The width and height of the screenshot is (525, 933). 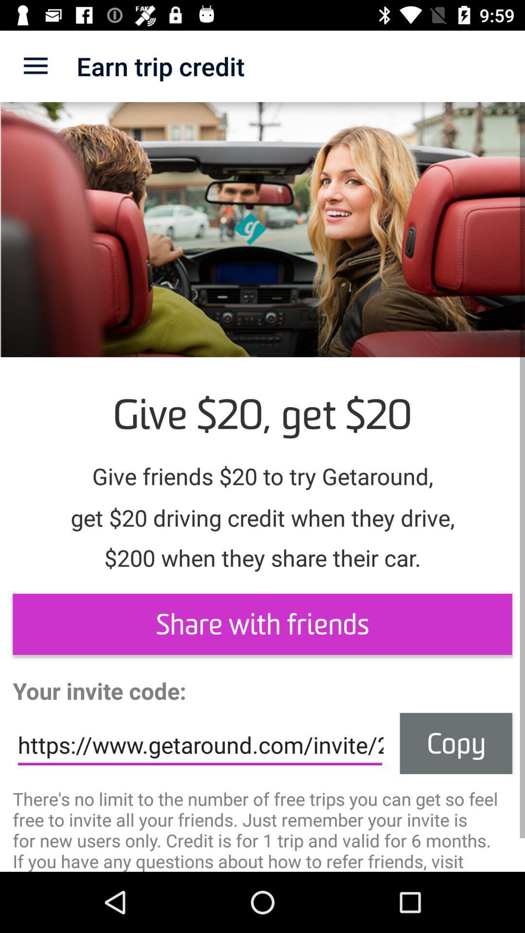 I want to click on the icon below the share with friends icon, so click(x=456, y=743).